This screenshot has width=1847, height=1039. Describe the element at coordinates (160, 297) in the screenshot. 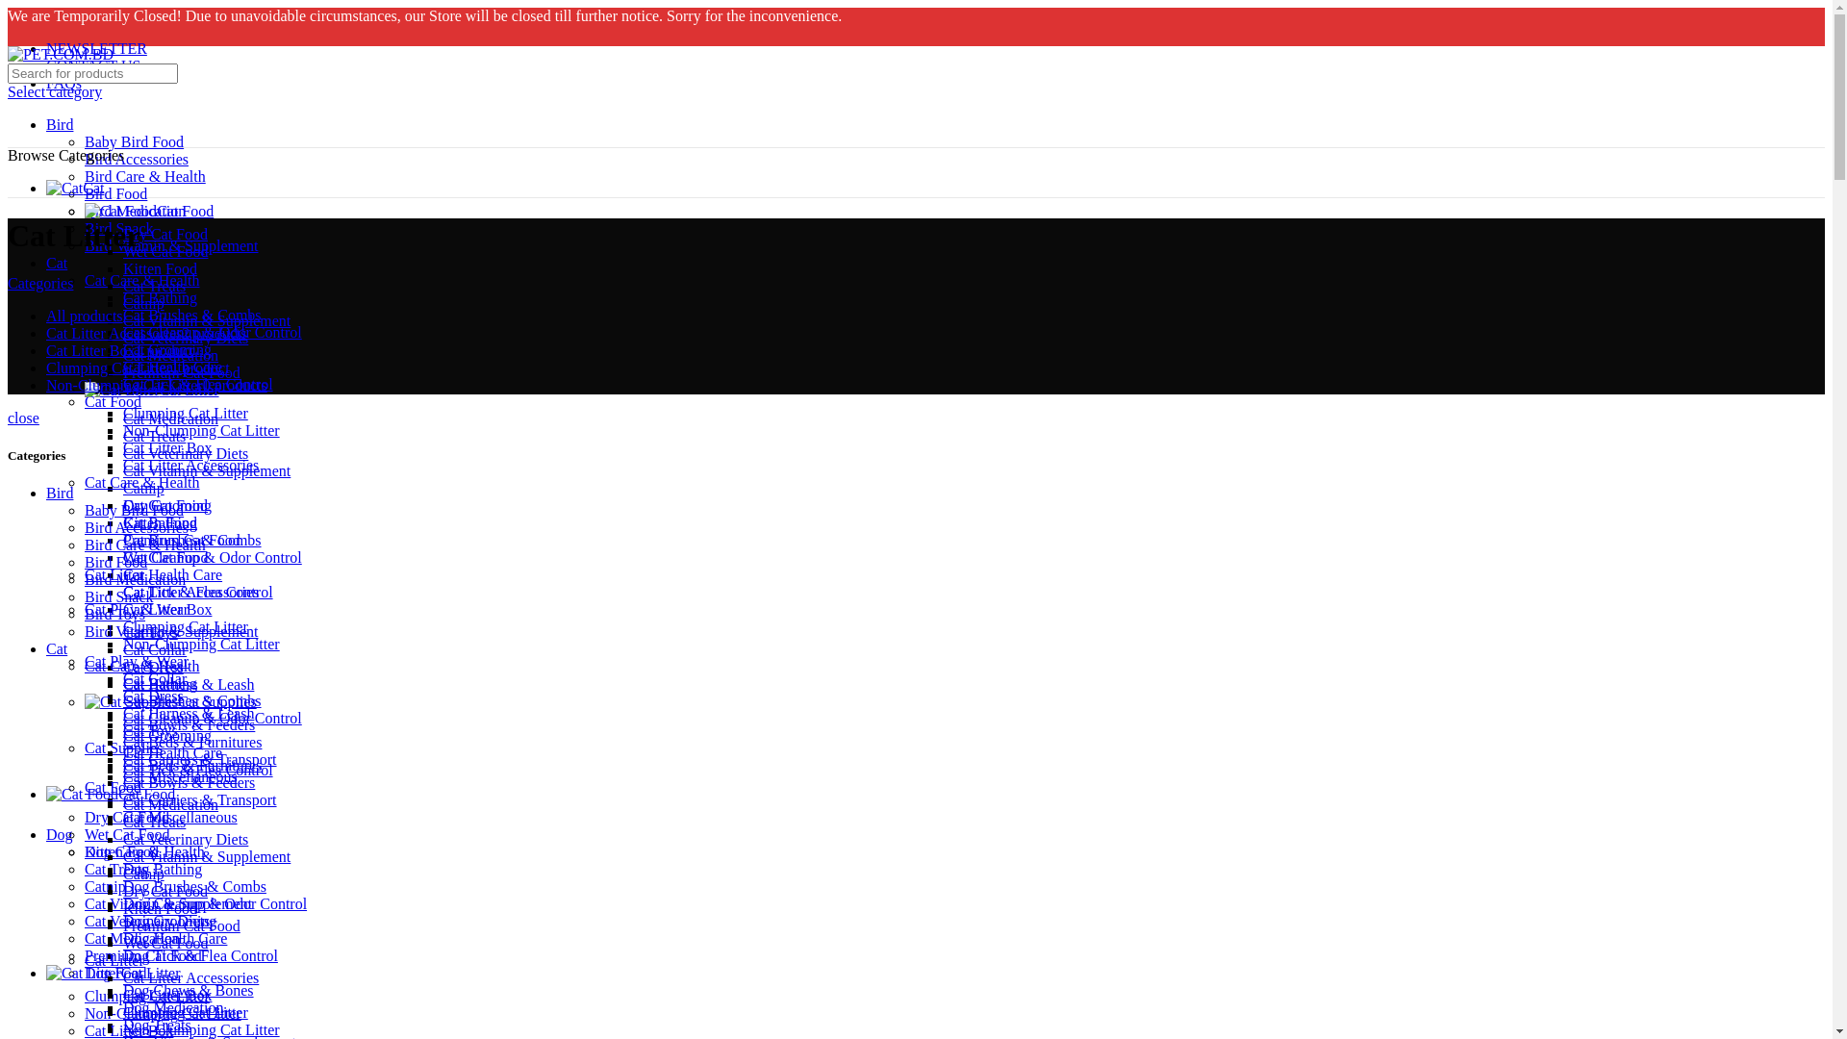

I see `'Cat Bathing'` at that location.